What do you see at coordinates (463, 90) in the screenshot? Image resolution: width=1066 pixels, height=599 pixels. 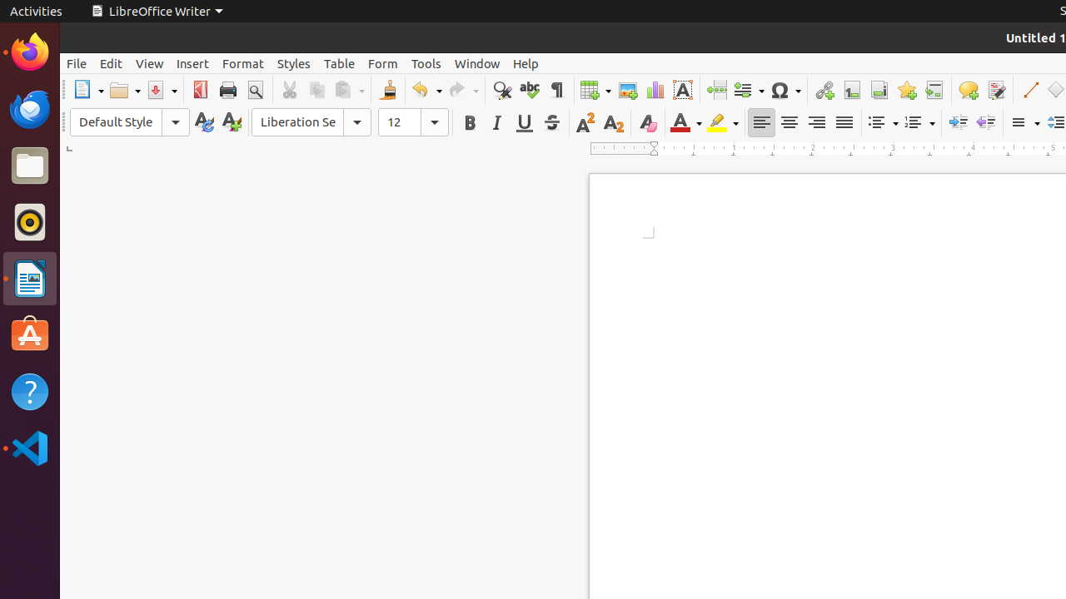 I see `'Redo'` at bounding box center [463, 90].